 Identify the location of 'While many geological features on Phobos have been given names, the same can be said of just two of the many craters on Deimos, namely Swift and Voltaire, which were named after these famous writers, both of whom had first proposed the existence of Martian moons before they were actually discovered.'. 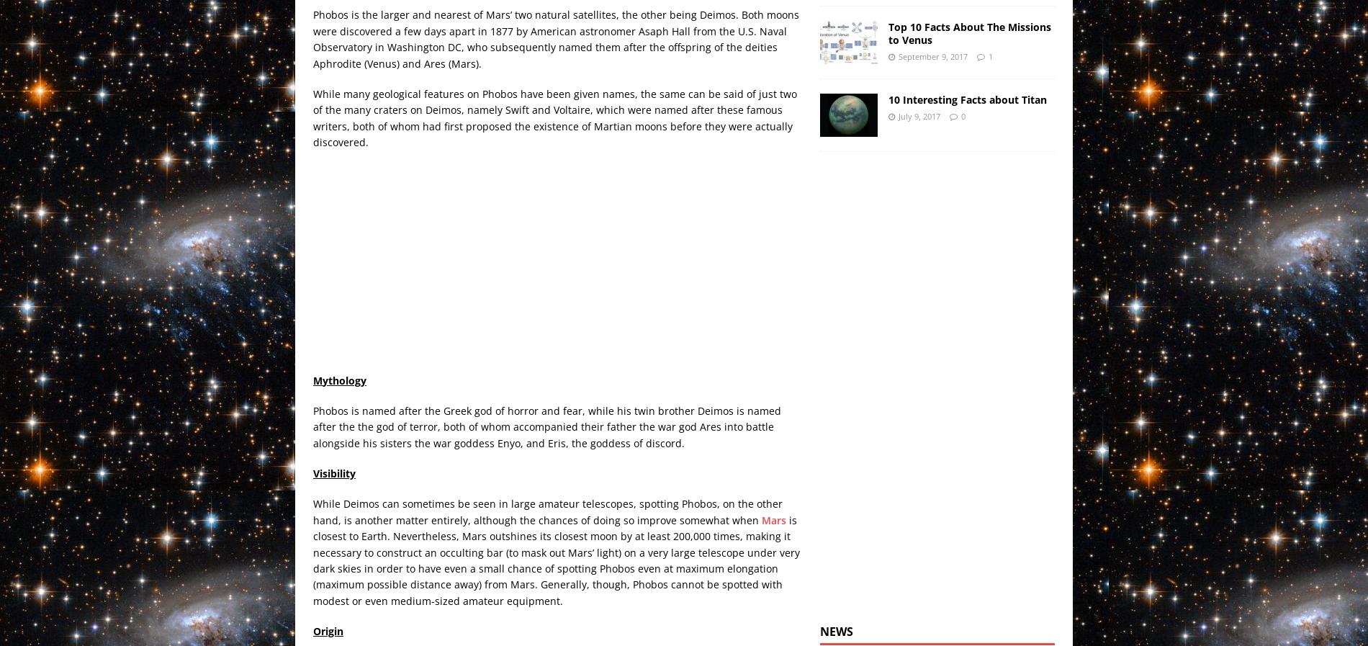
(554, 117).